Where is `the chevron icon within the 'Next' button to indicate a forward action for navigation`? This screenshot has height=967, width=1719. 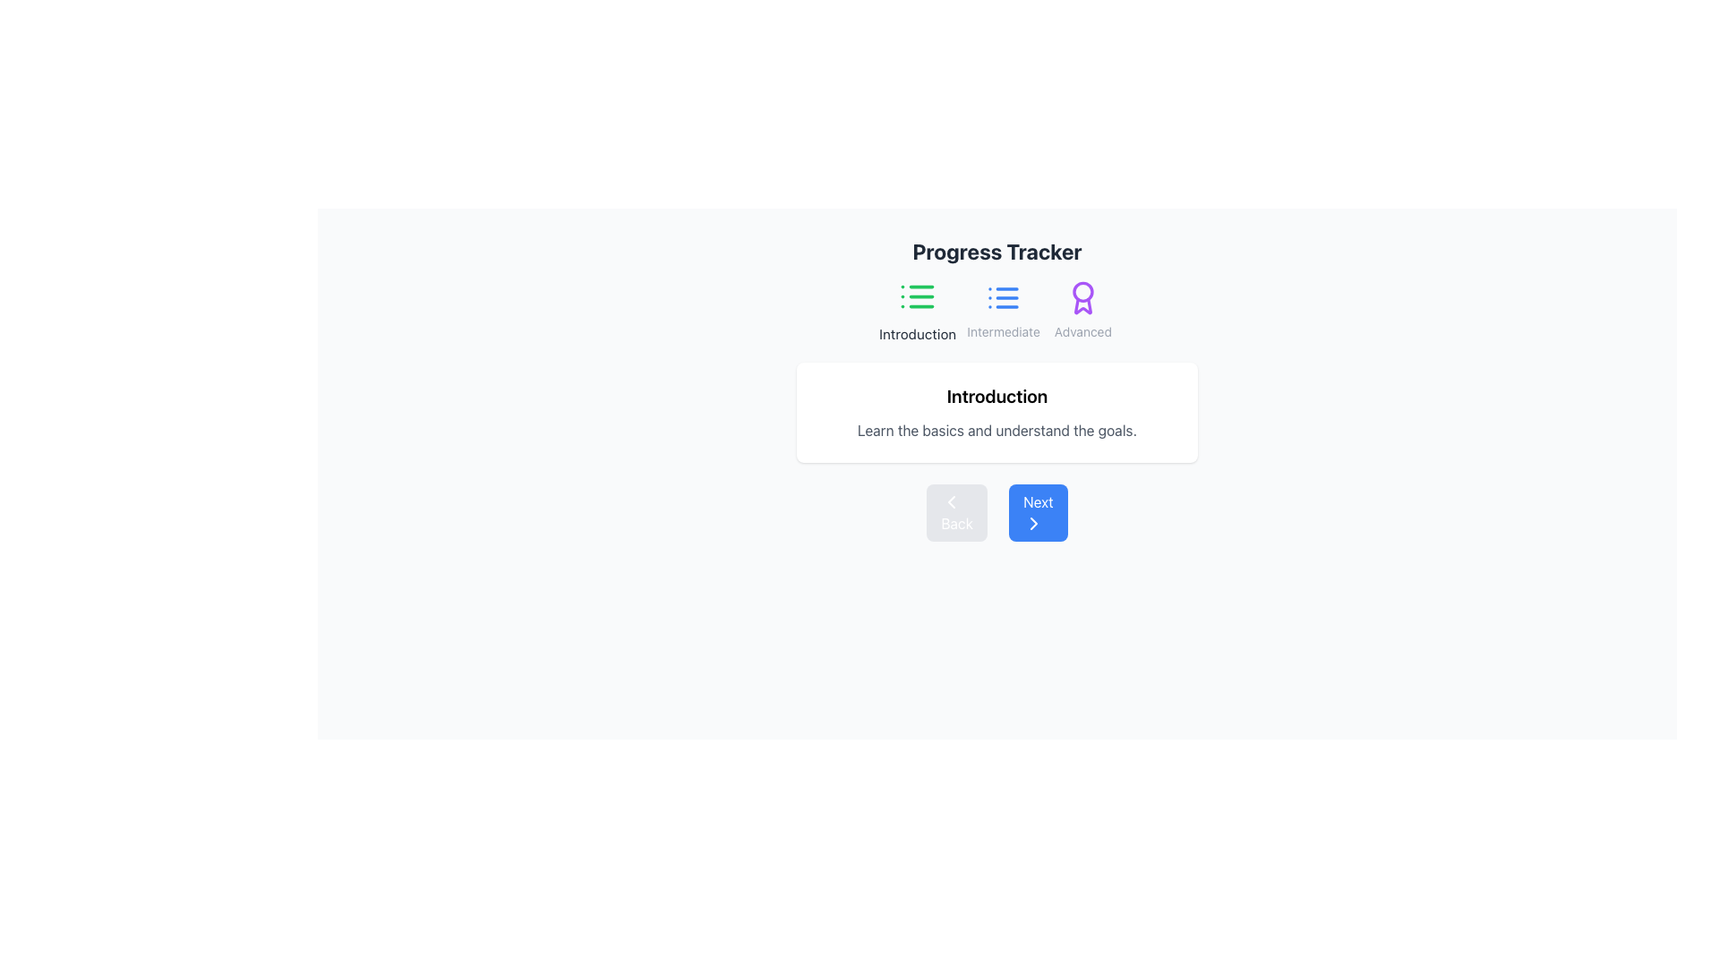
the chevron icon within the 'Next' button to indicate a forward action for navigation is located at coordinates (1034, 524).